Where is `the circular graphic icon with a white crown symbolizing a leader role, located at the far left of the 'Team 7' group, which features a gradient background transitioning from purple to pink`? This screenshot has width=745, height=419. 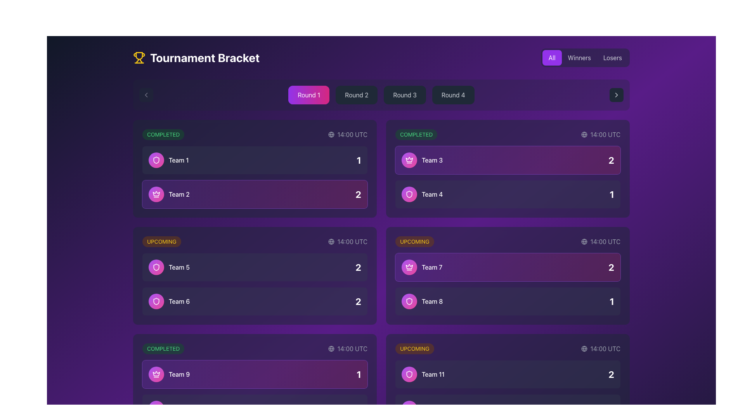
the circular graphic icon with a white crown symbolizing a leader role, located at the far left of the 'Team 7' group, which features a gradient background transitioning from purple to pink is located at coordinates (409, 267).